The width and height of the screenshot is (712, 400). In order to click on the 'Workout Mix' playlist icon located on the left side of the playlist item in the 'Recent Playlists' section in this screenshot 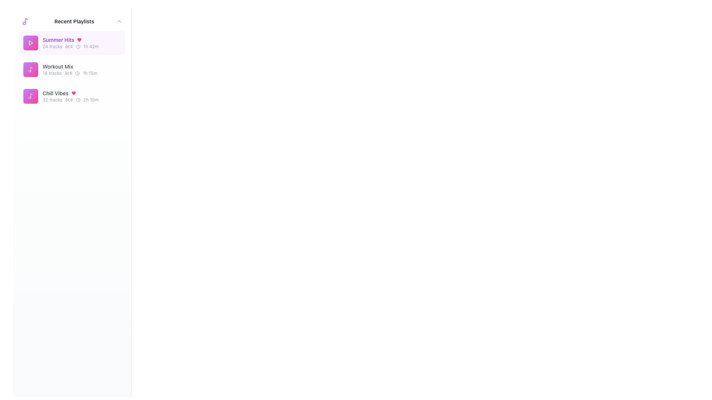, I will do `click(30, 70)`.